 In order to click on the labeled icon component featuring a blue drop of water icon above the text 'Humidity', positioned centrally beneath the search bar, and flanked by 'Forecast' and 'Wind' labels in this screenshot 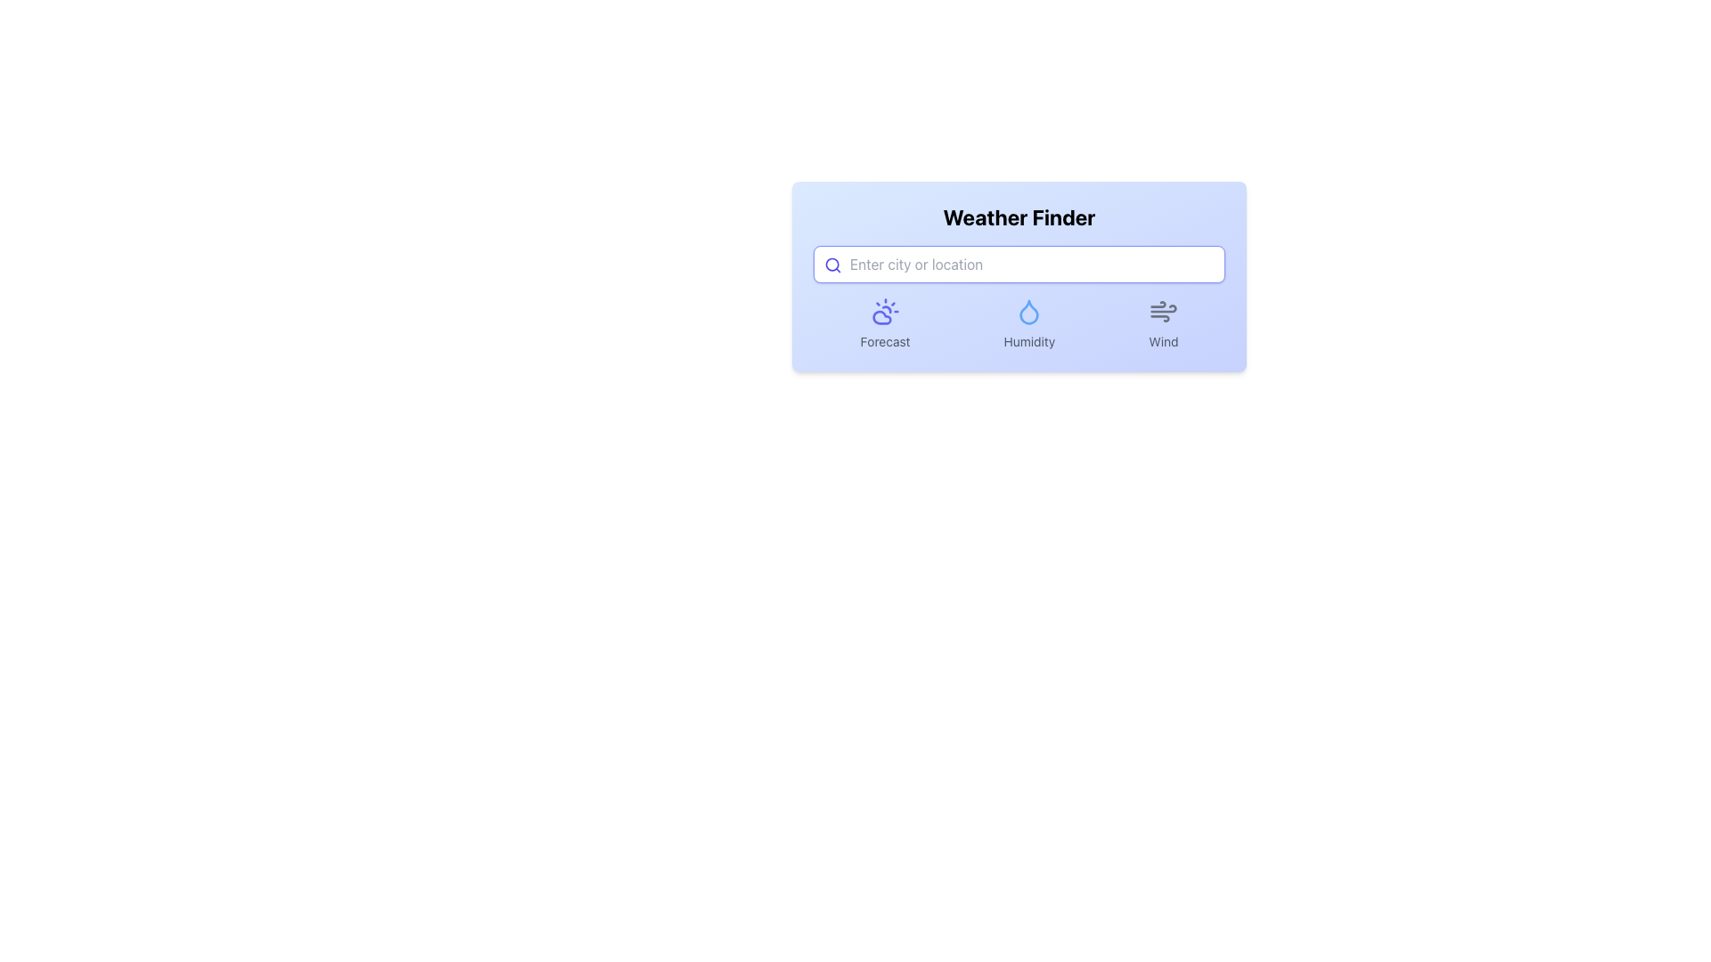, I will do `click(1029, 323)`.